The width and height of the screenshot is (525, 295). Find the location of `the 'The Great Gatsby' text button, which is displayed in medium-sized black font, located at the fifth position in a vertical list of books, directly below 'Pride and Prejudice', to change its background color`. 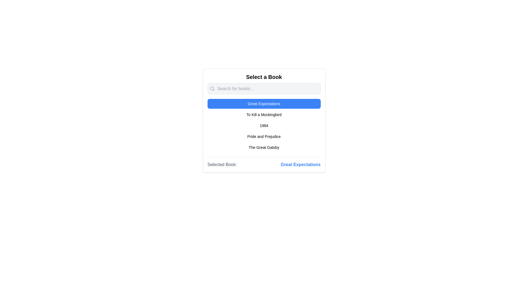

the 'The Great Gatsby' text button, which is displayed in medium-sized black font, located at the fifth position in a vertical list of books, directly below 'Pride and Prejudice', to change its background color is located at coordinates (264, 147).